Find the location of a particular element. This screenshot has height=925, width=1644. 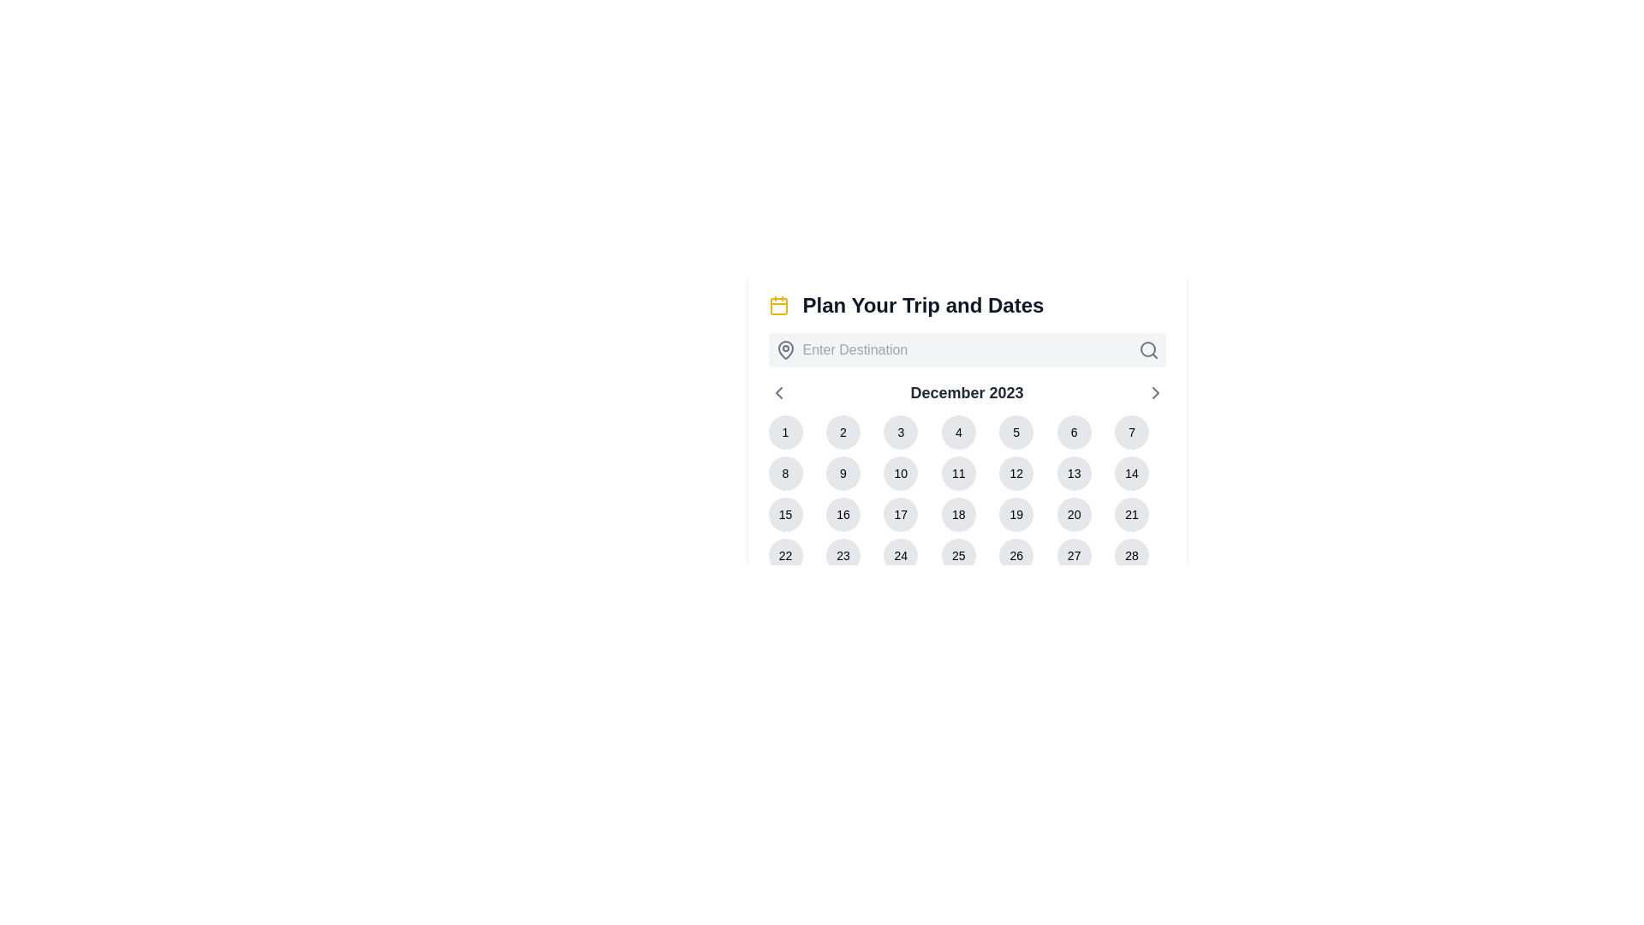

the calendar icon located at the top left corner of the 'Plan Your Trip and Dates' header is located at coordinates (777, 305).